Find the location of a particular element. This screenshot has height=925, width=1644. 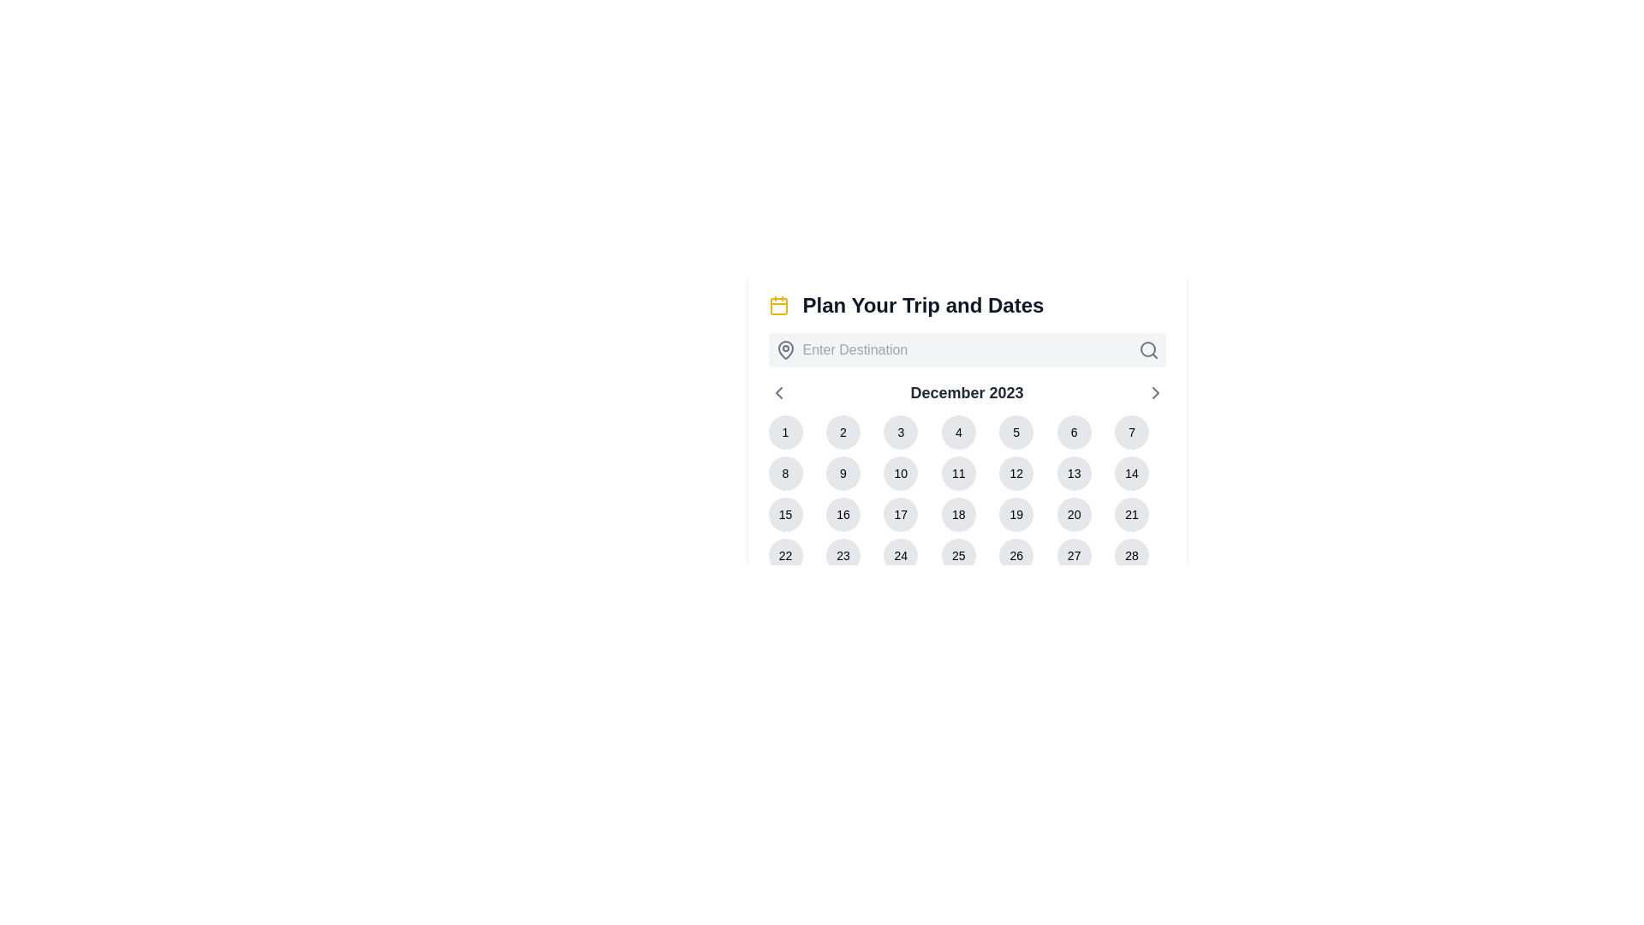

the calendar icon located at the top left corner of the 'Plan Your Trip and Dates' header is located at coordinates (777, 305).